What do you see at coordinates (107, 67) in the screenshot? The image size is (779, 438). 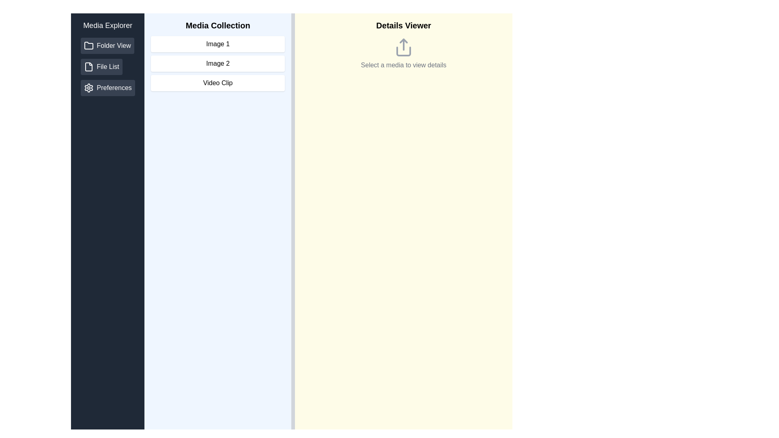 I see `the 'File List' button located in the left sidebar beneath the 'Folder View' button` at bounding box center [107, 67].